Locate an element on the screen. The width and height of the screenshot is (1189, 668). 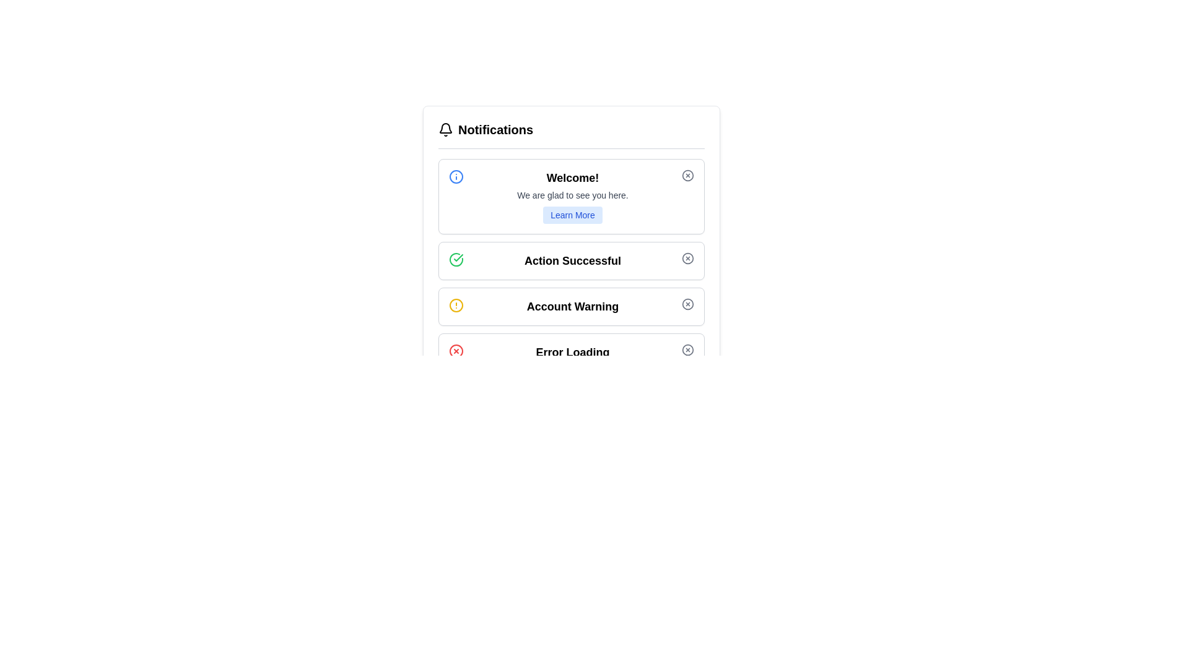
the error notification text label located at the bottom of the notification list, which communicates that an error occurred is located at coordinates (572, 353).